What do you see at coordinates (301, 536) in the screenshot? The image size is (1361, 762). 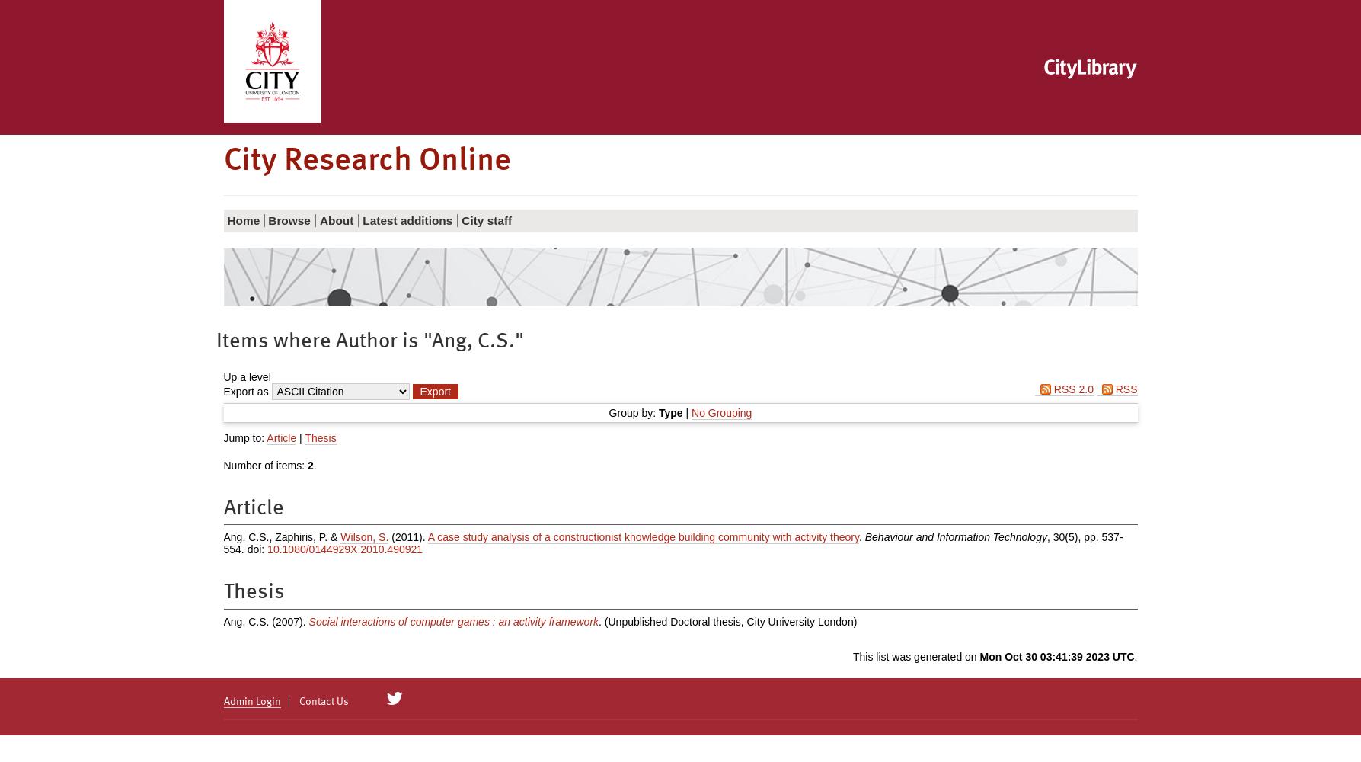 I see `'Zaphiris, P.'` at bounding box center [301, 536].